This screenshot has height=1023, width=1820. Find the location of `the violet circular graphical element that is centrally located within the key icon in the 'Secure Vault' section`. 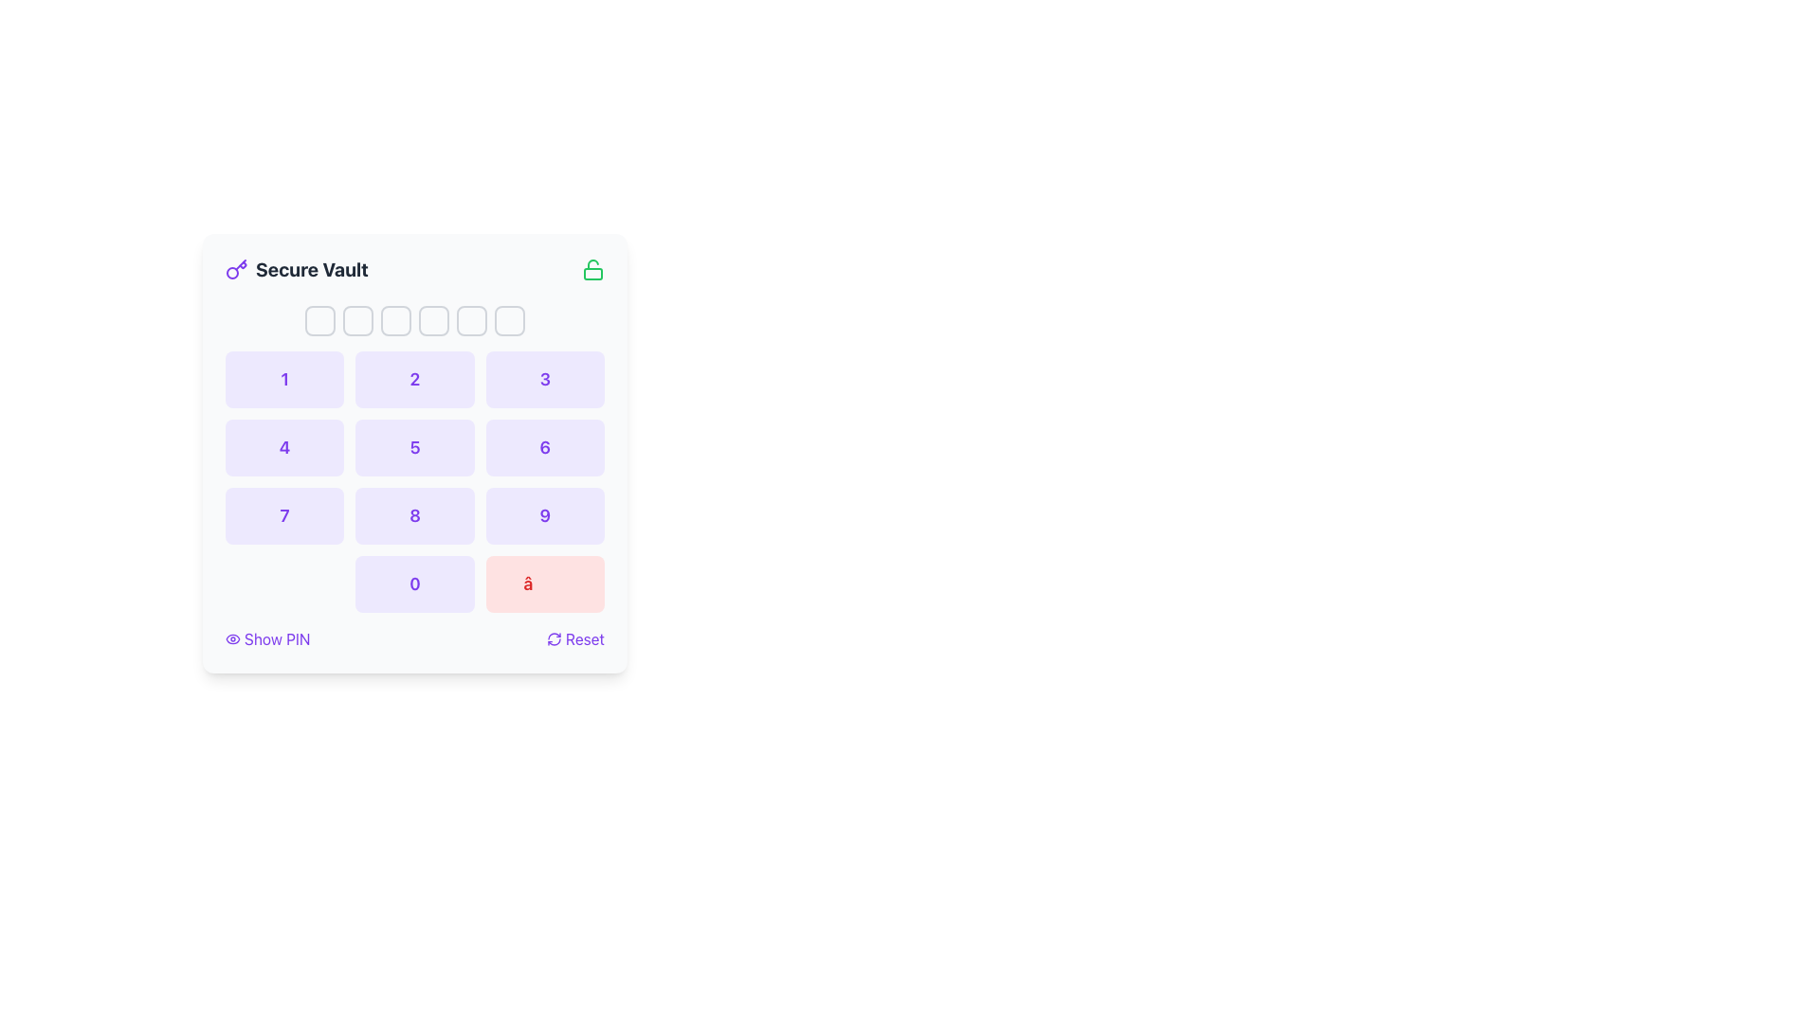

the violet circular graphical element that is centrally located within the key icon in the 'Secure Vault' section is located at coordinates (231, 273).